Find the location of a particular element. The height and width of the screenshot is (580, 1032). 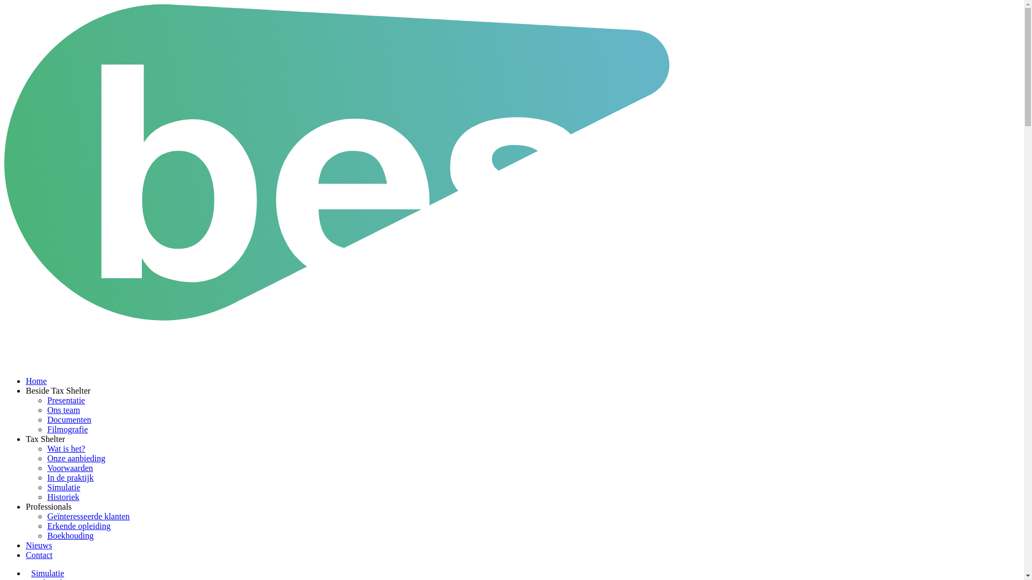

'Nieuws' is located at coordinates (39, 545).